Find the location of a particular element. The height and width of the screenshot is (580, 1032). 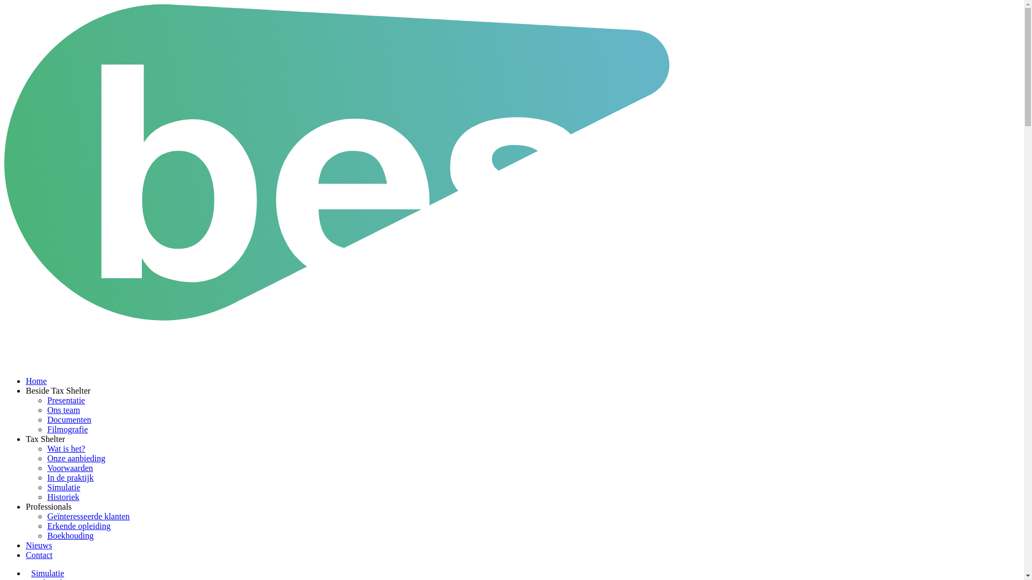

'Nieuws' is located at coordinates (39, 545).